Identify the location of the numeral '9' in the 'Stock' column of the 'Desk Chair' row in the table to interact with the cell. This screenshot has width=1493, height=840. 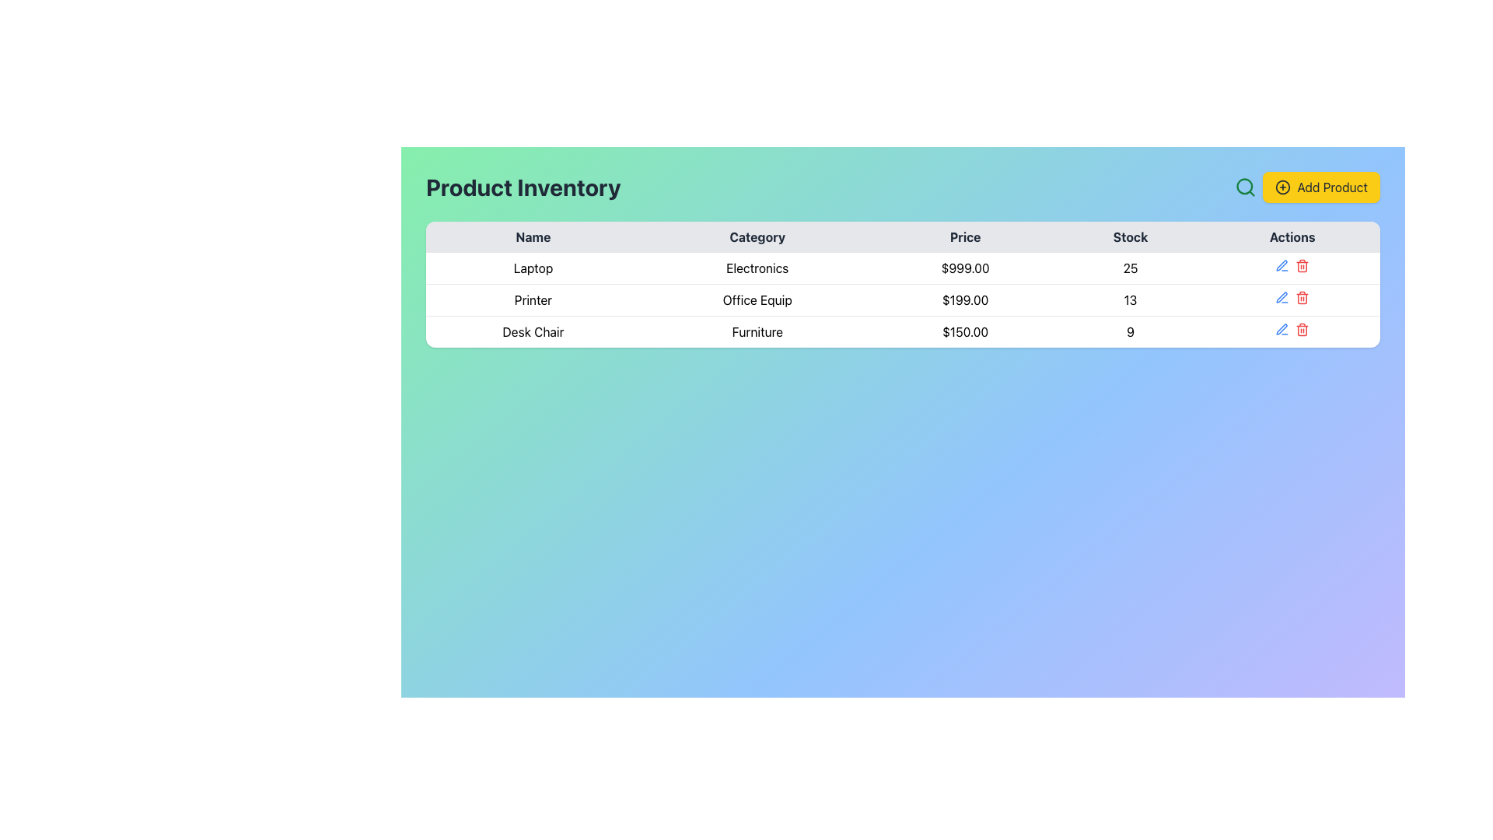
(1131, 331).